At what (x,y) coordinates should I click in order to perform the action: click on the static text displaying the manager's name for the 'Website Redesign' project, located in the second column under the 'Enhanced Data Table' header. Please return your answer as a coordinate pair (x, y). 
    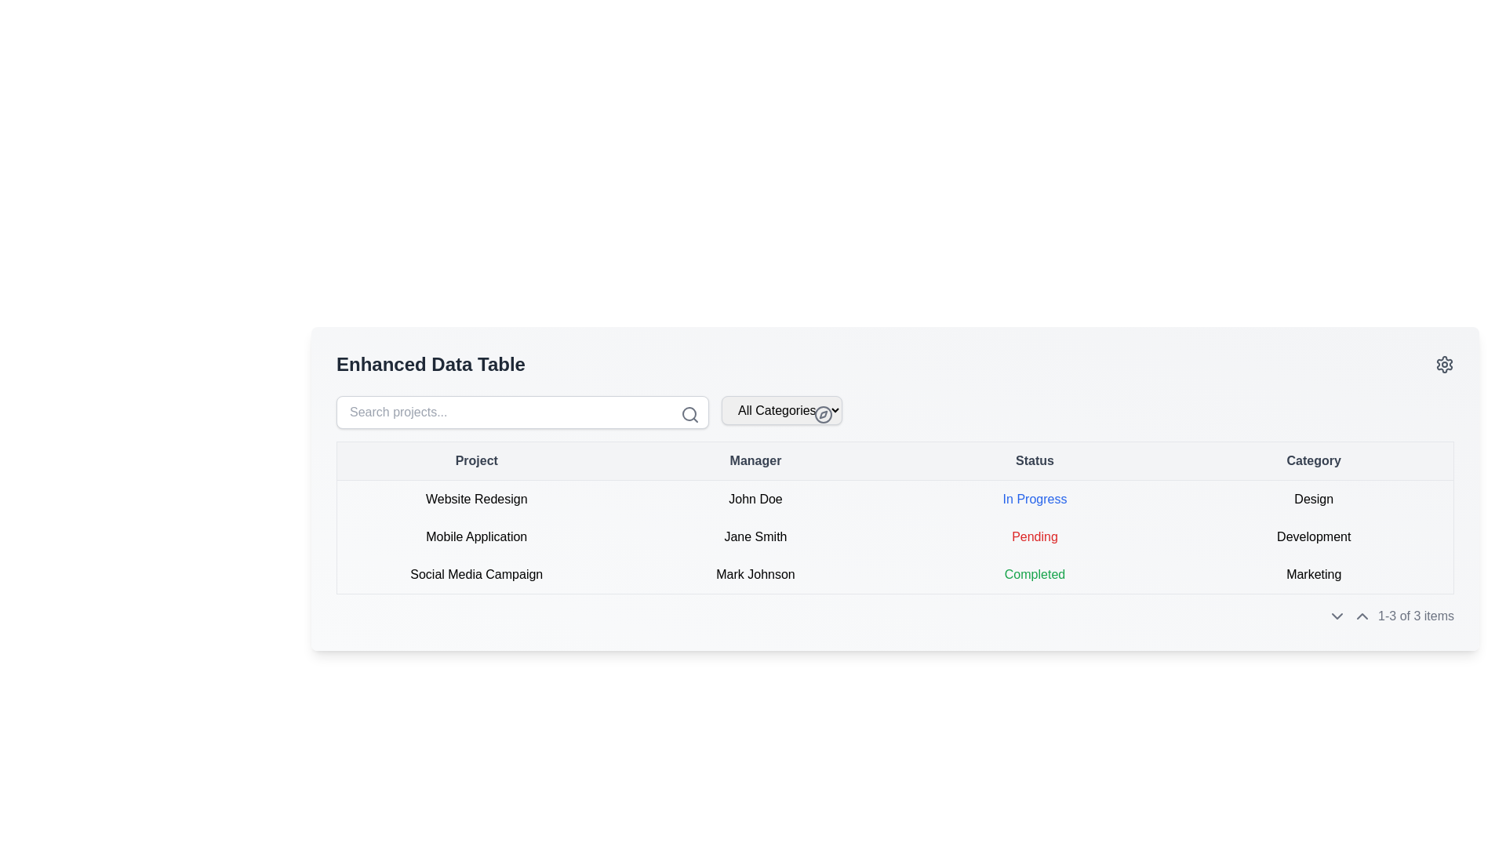
    Looking at the image, I should click on (755, 499).